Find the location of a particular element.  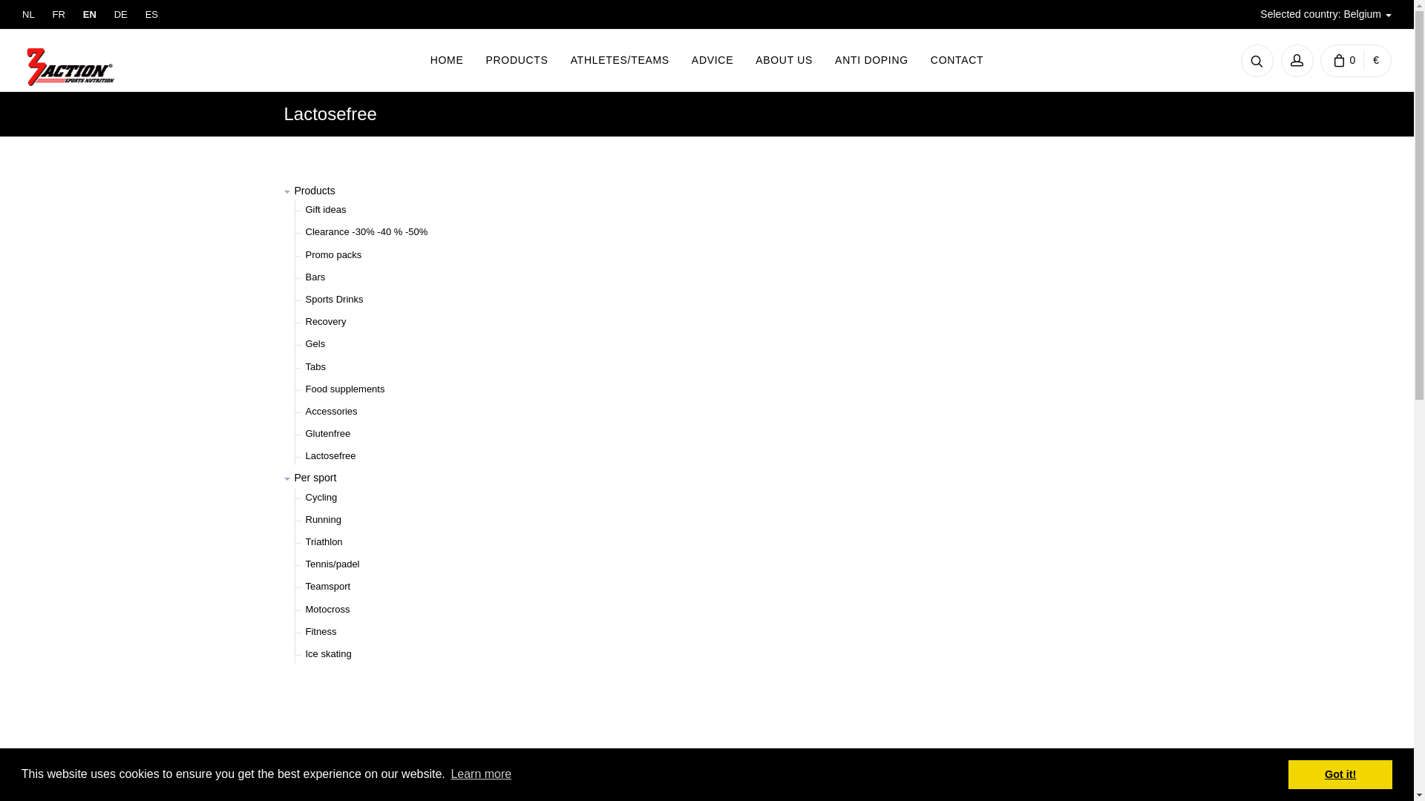

'FR' is located at coordinates (59, 14).